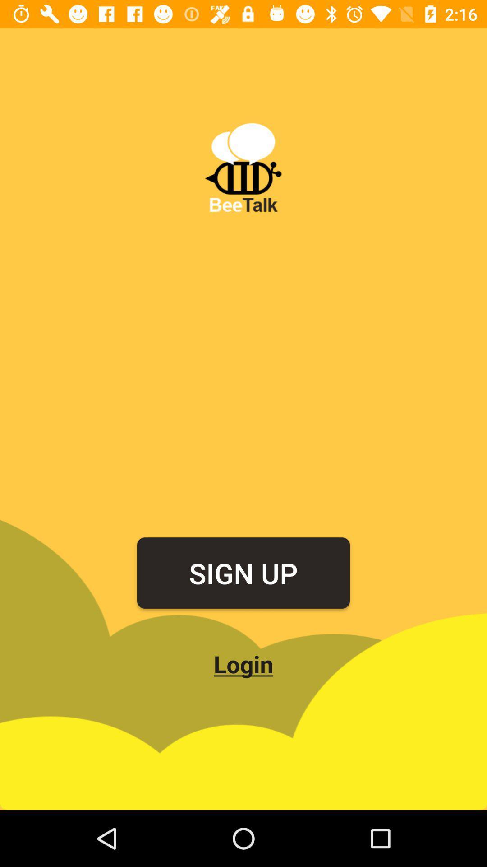 The width and height of the screenshot is (487, 867). What do you see at coordinates (243, 572) in the screenshot?
I see `the sign up item` at bounding box center [243, 572].